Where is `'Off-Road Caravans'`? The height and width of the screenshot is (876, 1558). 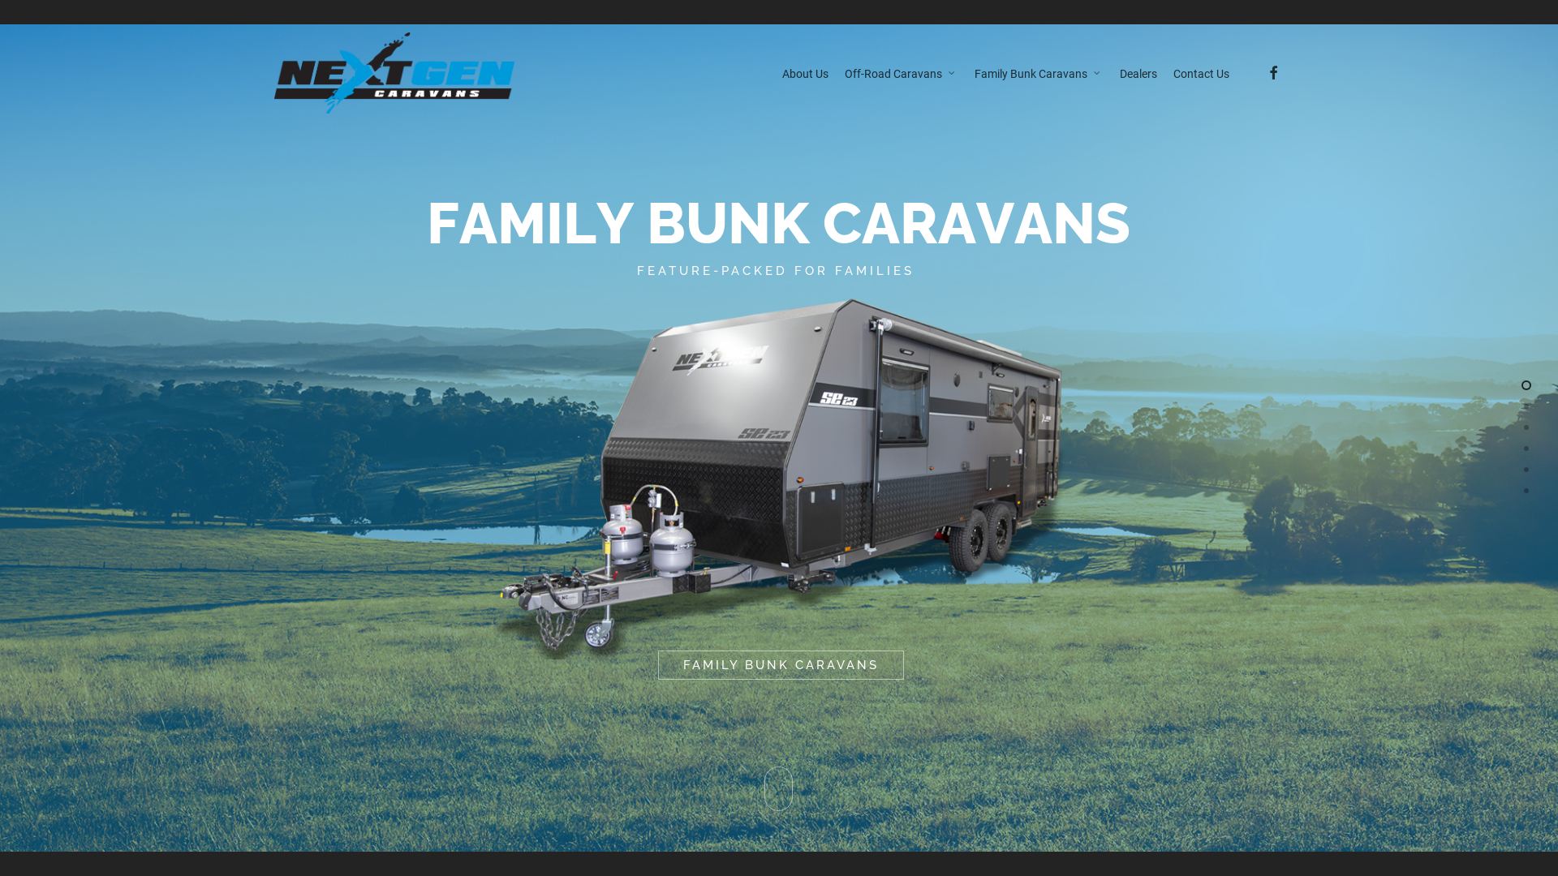
'Off-Road Caravans' is located at coordinates (899, 71).